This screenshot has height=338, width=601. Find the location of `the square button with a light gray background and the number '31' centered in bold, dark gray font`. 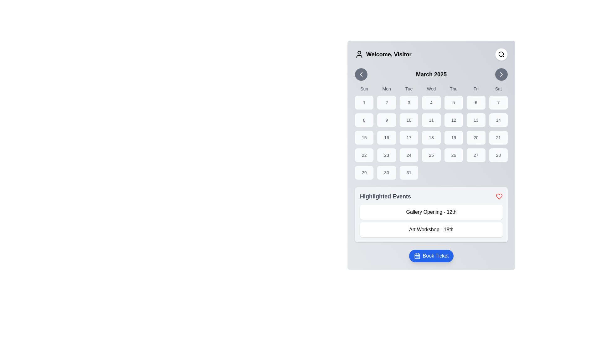

the square button with a light gray background and the number '31' centered in bold, dark gray font is located at coordinates (409, 172).